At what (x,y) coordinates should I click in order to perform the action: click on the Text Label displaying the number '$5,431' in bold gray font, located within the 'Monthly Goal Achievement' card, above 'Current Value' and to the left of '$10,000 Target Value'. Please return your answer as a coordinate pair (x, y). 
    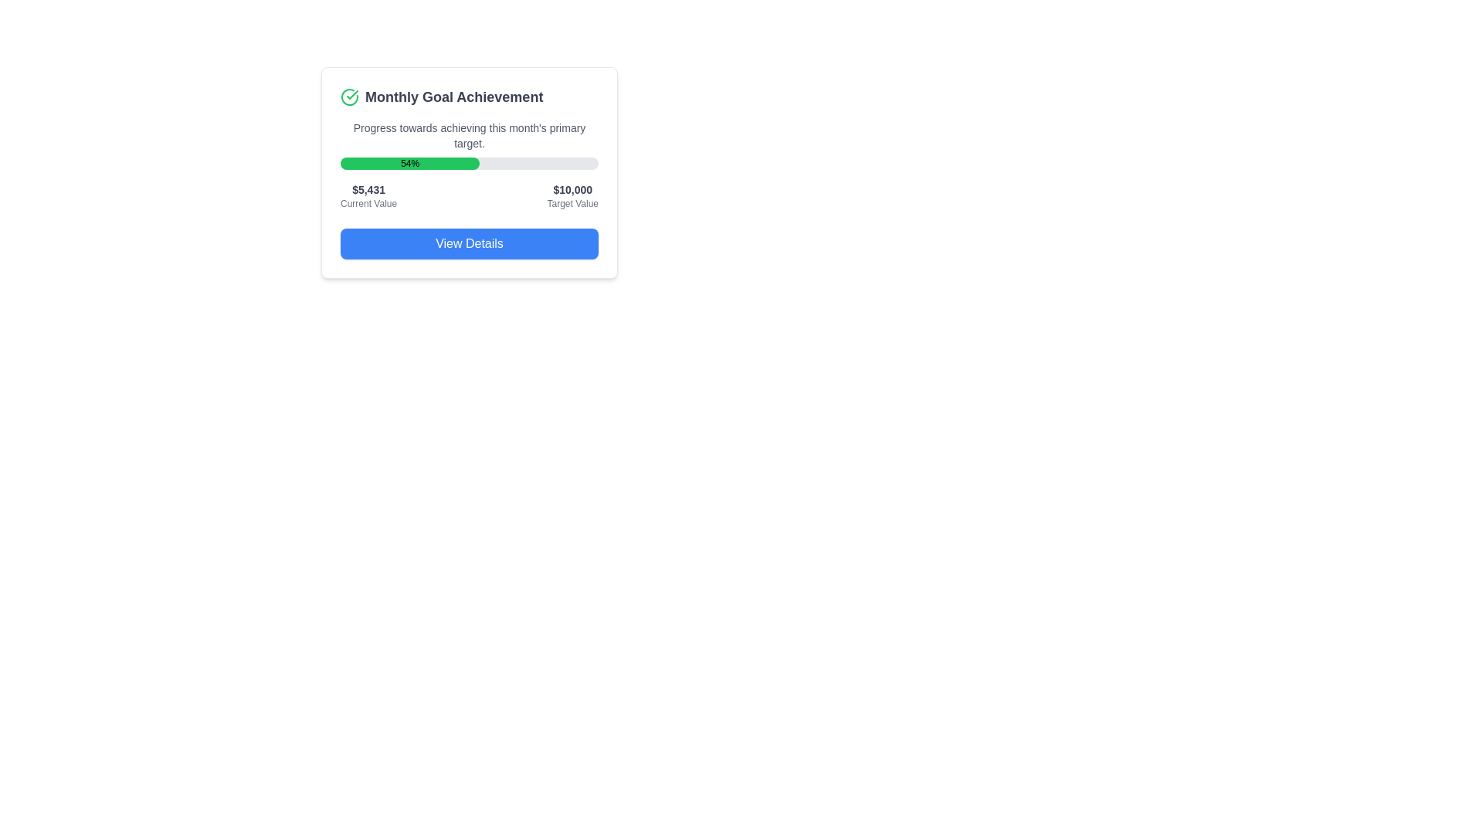
    Looking at the image, I should click on (368, 189).